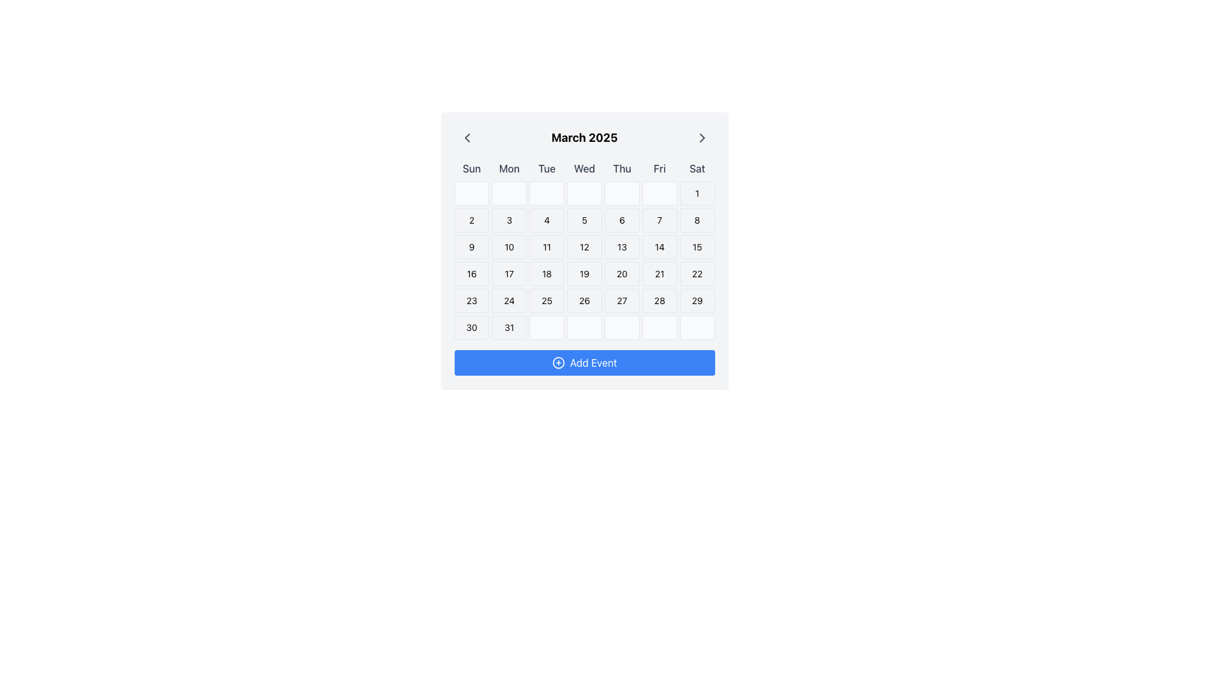 This screenshot has width=1226, height=690. I want to click on the button displaying the number '17', so click(508, 273).